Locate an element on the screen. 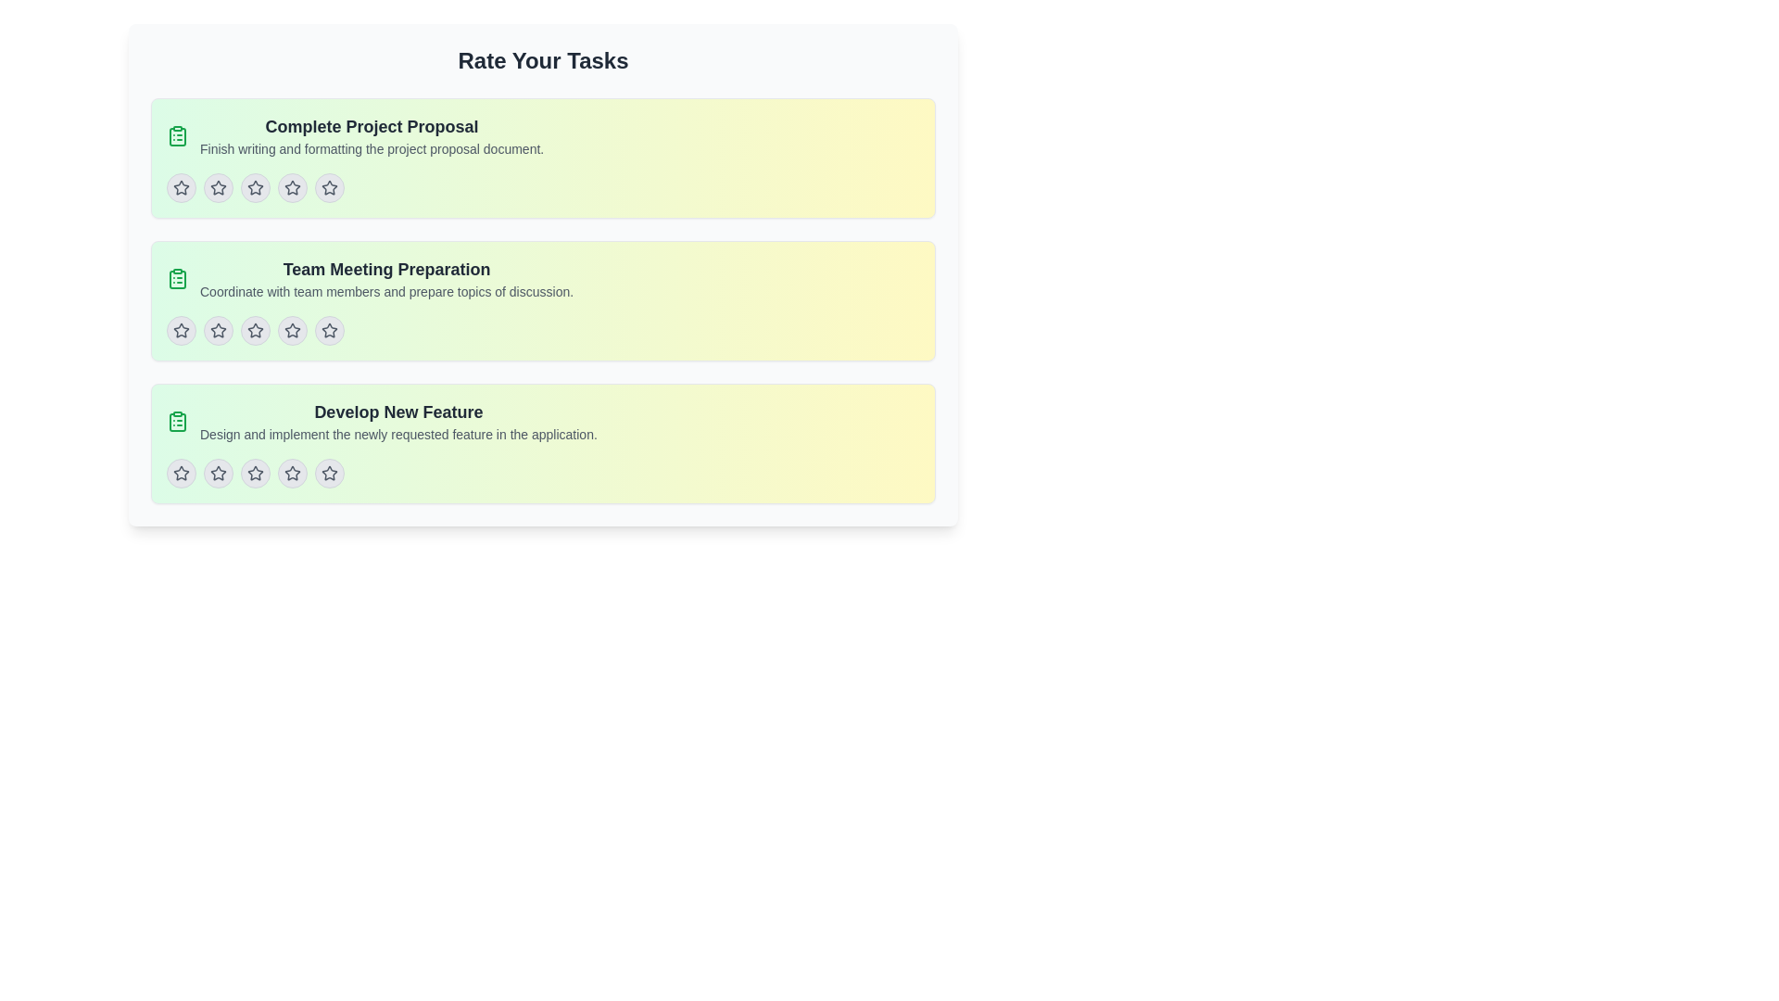  the second star icon in the five-star rating system to rate the 'Complete Project Proposal' task is located at coordinates (292, 188).